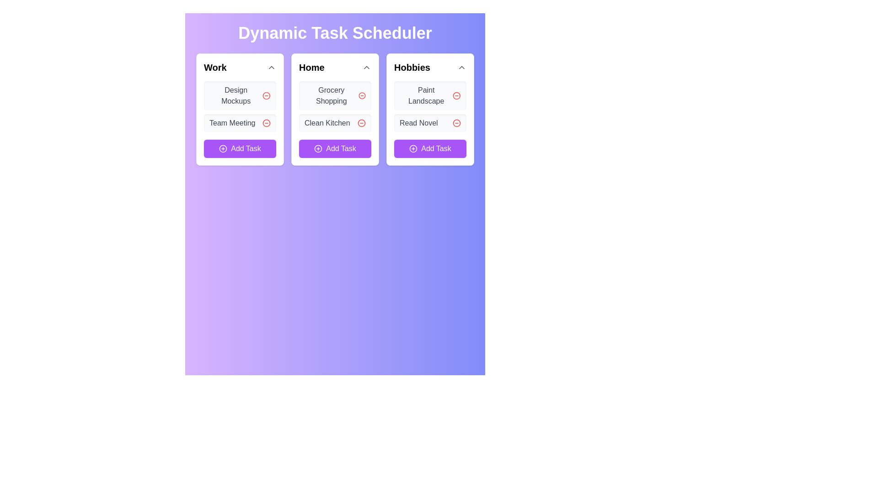 Image resolution: width=878 pixels, height=493 pixels. What do you see at coordinates (266, 123) in the screenshot?
I see `the delete button located to the right of the 'Team Meeting' task in the second row of the 'Work' column` at bounding box center [266, 123].